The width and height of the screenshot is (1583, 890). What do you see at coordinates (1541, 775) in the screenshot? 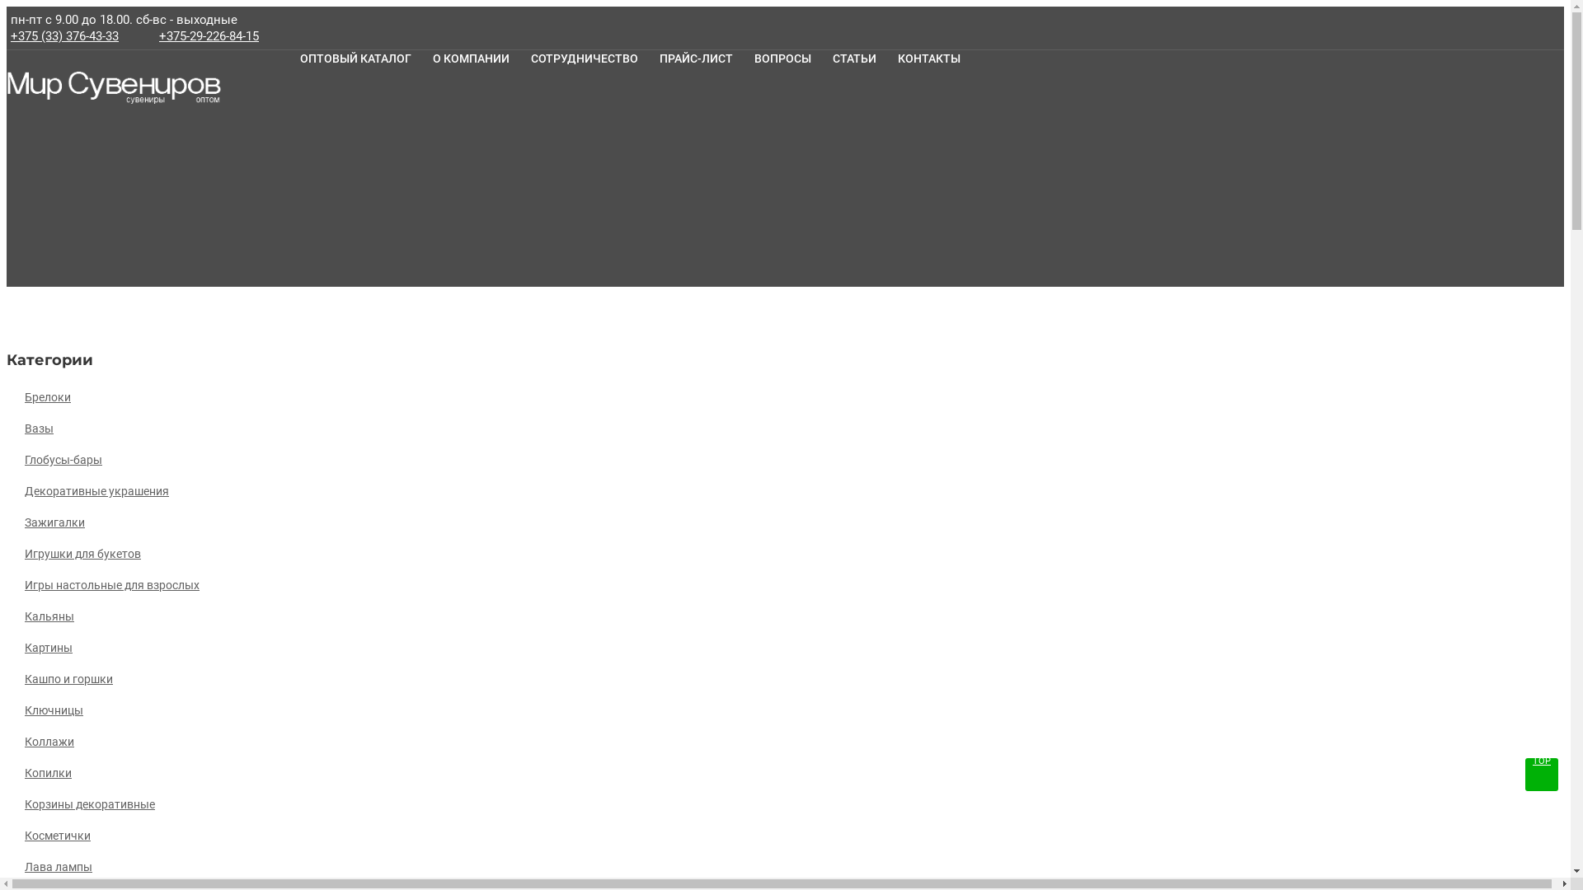
I see `'TOP'` at bounding box center [1541, 775].